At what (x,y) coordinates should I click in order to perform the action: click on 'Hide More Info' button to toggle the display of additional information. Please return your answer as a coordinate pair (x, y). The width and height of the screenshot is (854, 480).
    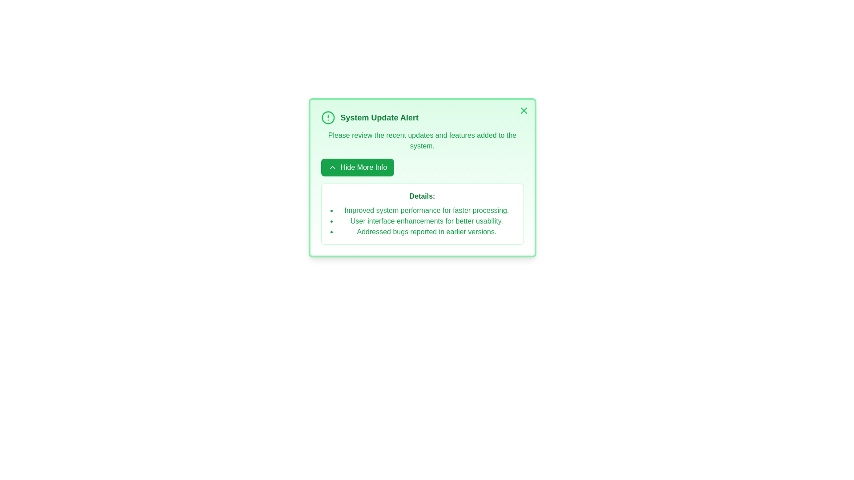
    Looking at the image, I should click on (357, 168).